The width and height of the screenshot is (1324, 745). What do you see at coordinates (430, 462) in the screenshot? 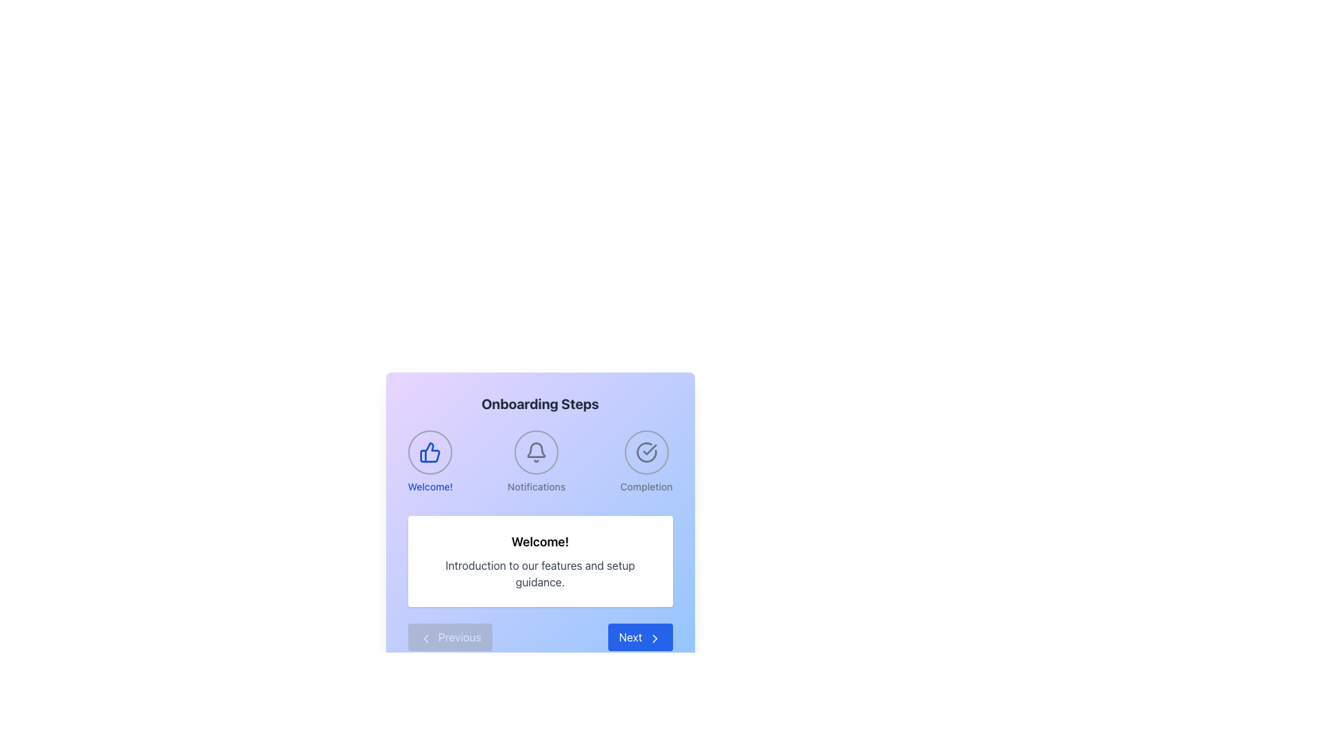
I see `text content of the first onboarding step indicator, which features a blue thumbs-up icon and the label 'Welcome!' positioned at the leftmost side of the 'Onboarding Steps' section` at bounding box center [430, 462].